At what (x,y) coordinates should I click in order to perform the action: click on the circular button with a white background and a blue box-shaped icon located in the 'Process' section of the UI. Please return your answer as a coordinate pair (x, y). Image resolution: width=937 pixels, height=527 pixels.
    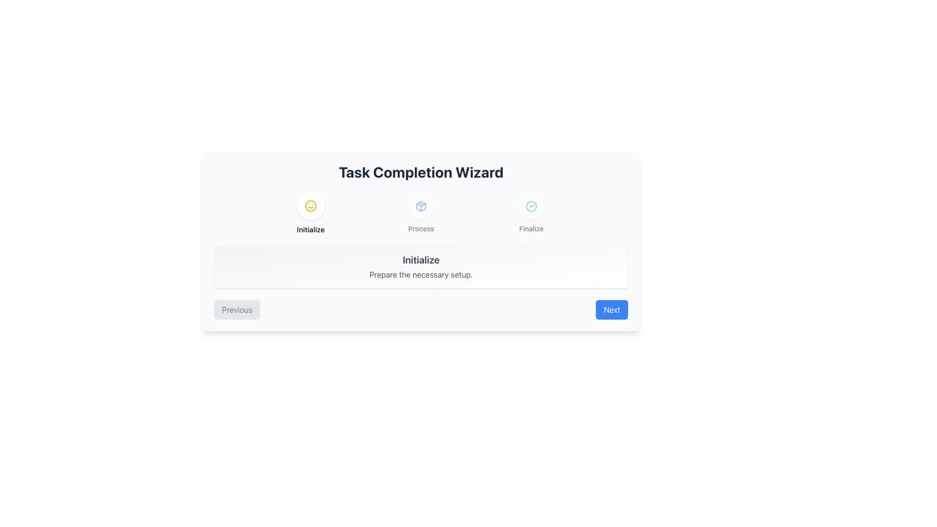
    Looking at the image, I should click on (421, 206).